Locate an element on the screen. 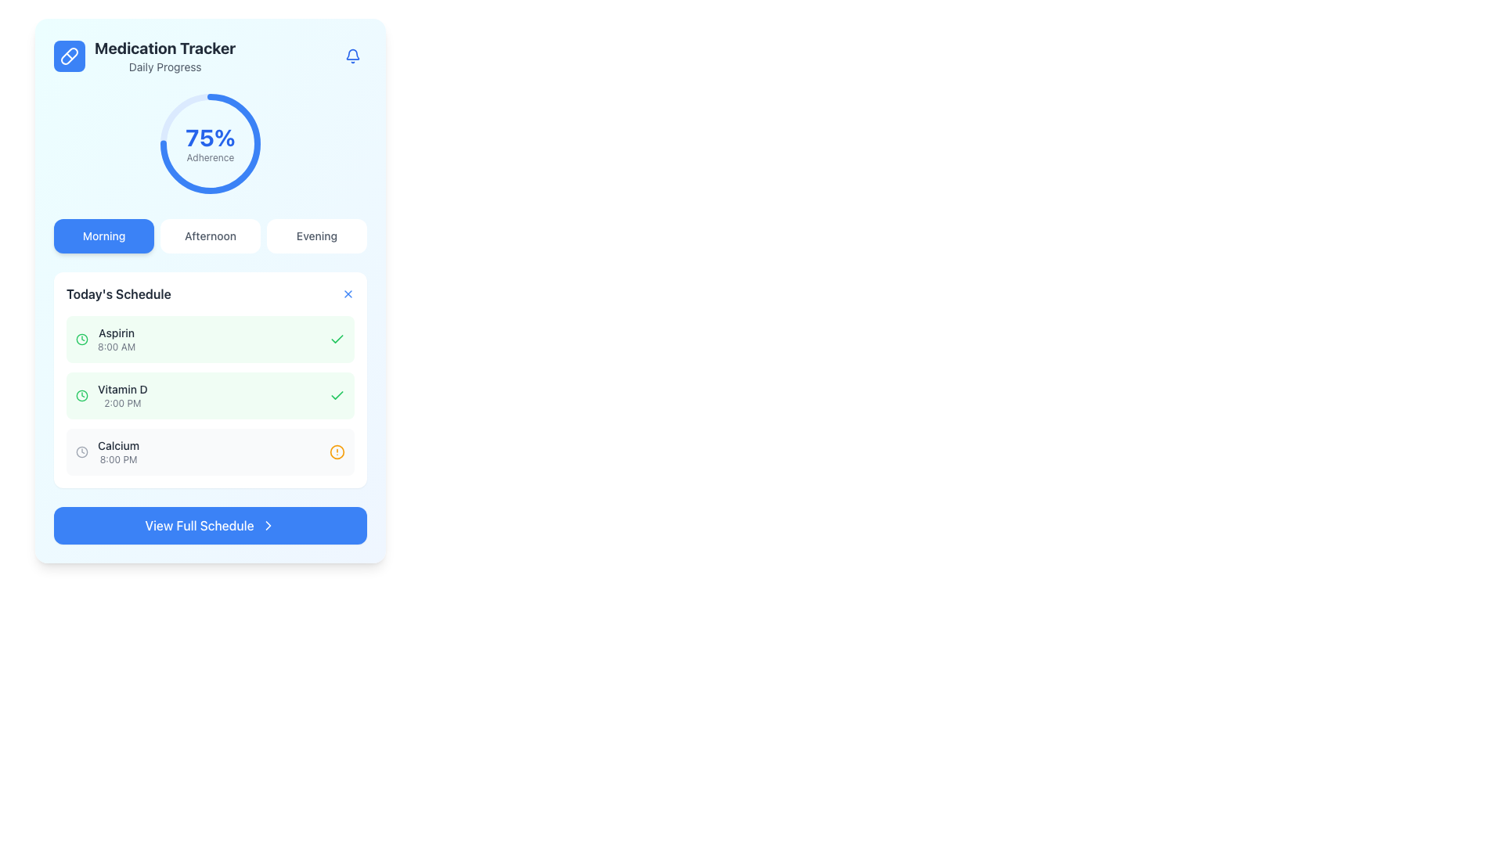 This screenshot has height=845, width=1503. the time indicator text label associated with the medication 'Calcium' located in the third entry of the 'Today’s Schedule' section is located at coordinates (117, 458).